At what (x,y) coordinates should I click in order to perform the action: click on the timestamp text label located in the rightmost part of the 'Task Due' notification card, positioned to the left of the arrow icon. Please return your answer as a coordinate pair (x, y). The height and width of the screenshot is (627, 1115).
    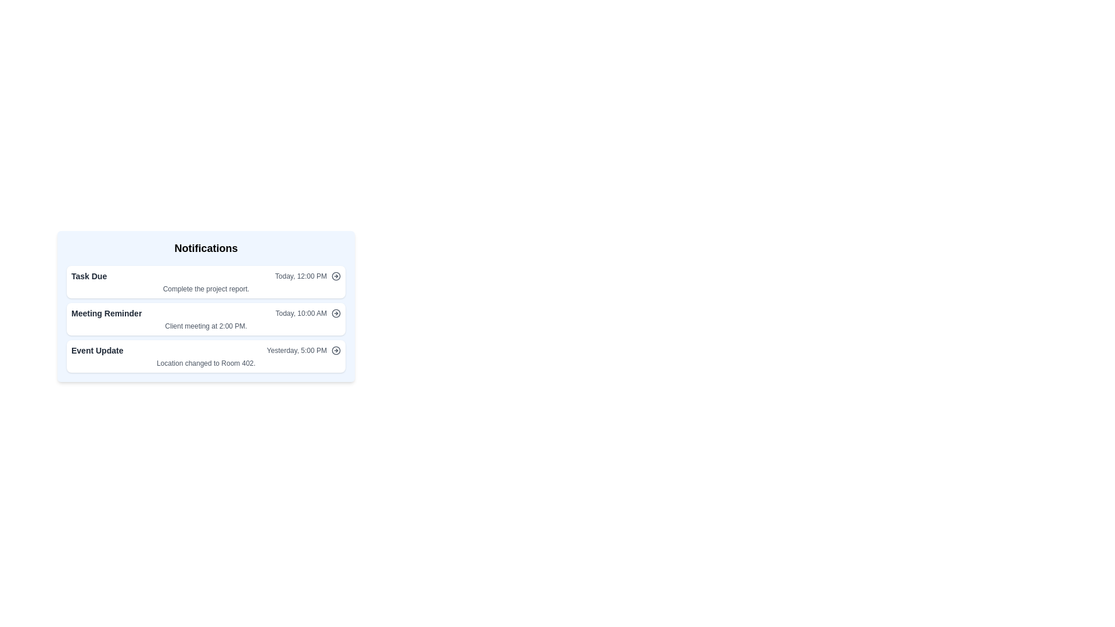
    Looking at the image, I should click on (301, 276).